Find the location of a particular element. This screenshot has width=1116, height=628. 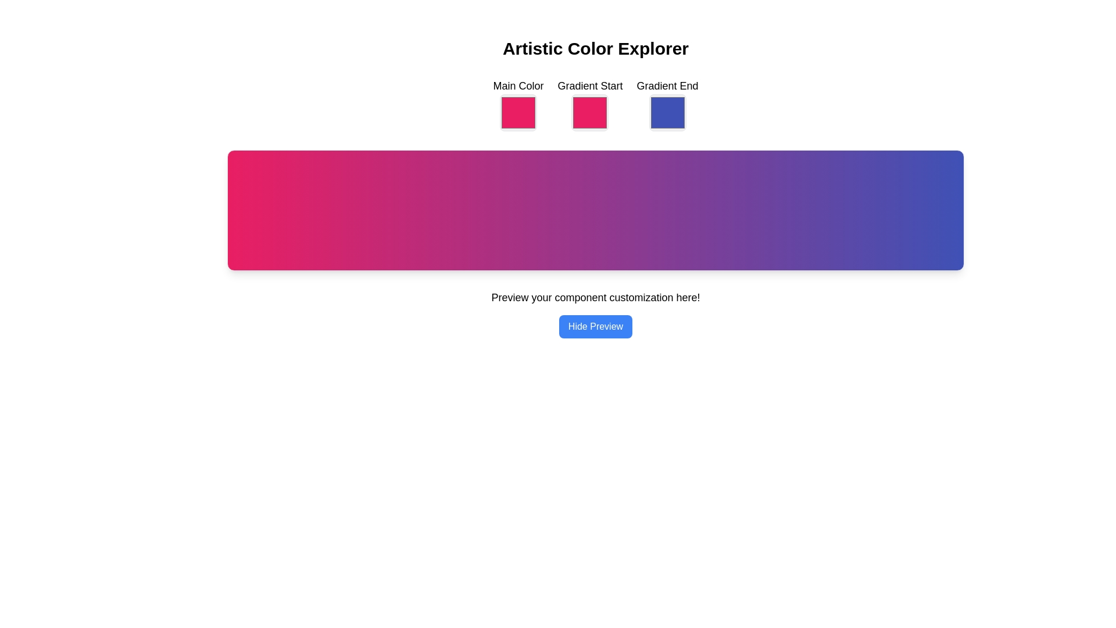

the button that toggles the visibility of the preview section in the component customization interface, located below the text 'Preview your component customization here!' is located at coordinates (595, 327).